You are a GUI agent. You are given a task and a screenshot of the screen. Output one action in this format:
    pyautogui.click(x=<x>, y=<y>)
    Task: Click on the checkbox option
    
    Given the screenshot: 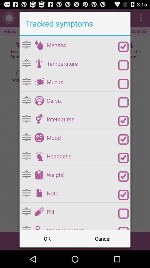 What is the action you would take?
    pyautogui.click(x=123, y=65)
    